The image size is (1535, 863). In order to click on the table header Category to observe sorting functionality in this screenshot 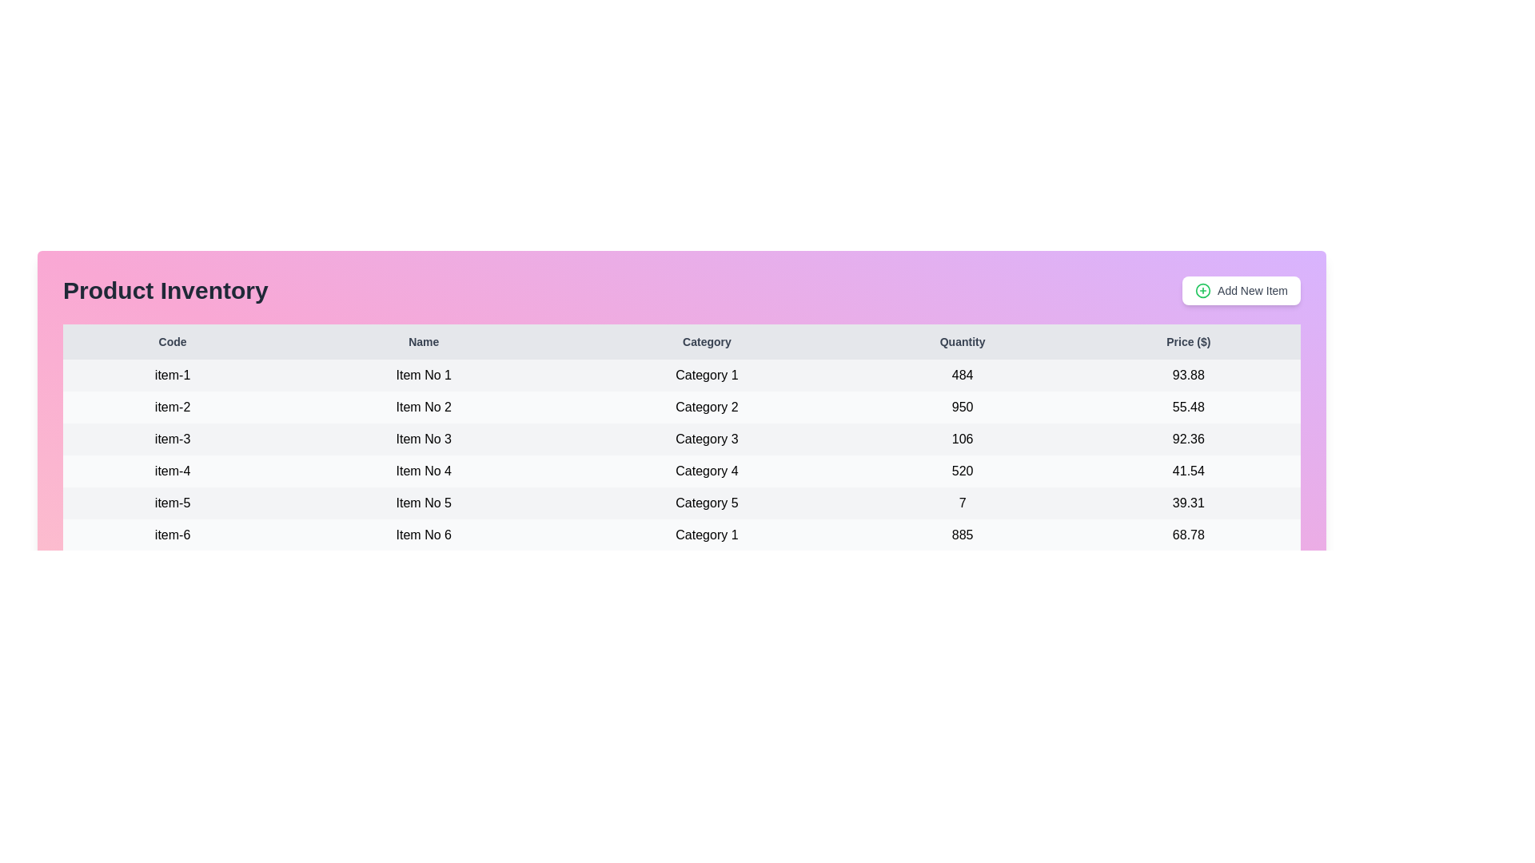, I will do `click(705, 341)`.